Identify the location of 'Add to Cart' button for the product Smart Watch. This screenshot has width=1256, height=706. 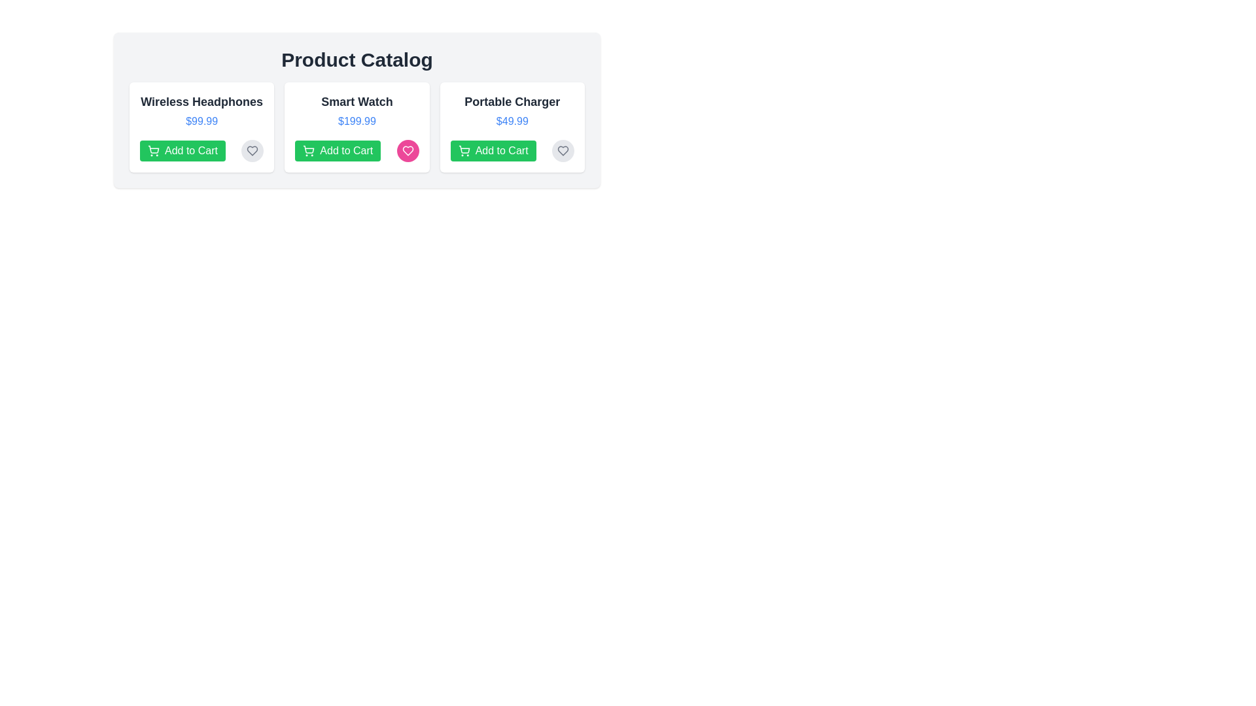
(337, 150).